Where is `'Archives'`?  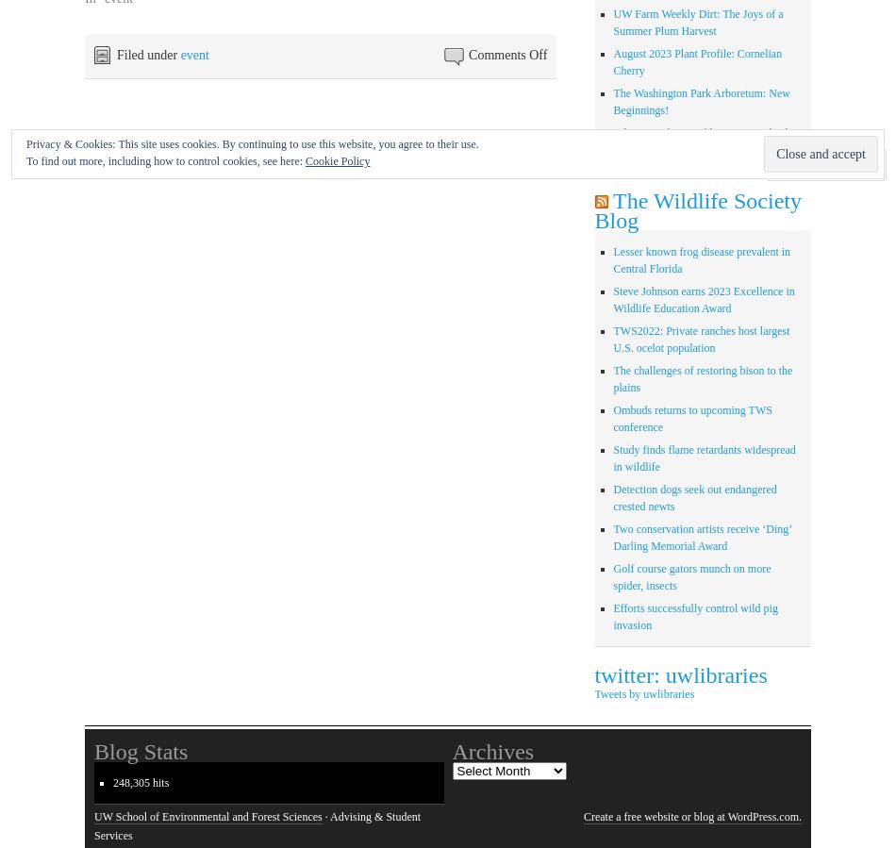
'Archives' is located at coordinates (492, 750).